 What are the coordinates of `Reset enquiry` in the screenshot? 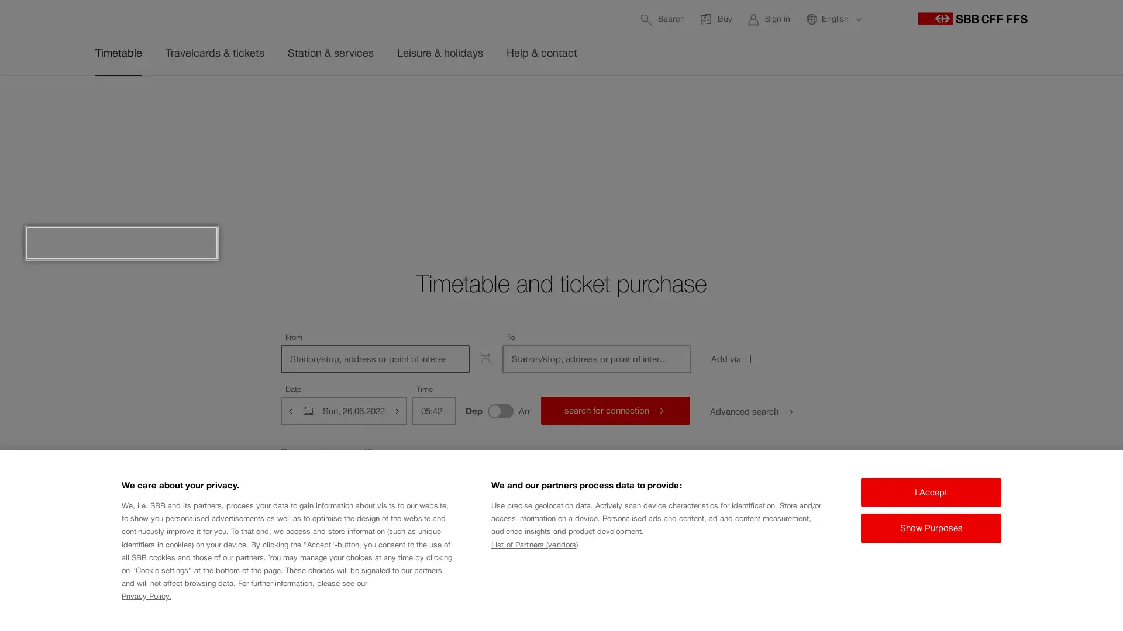 It's located at (328, 452).